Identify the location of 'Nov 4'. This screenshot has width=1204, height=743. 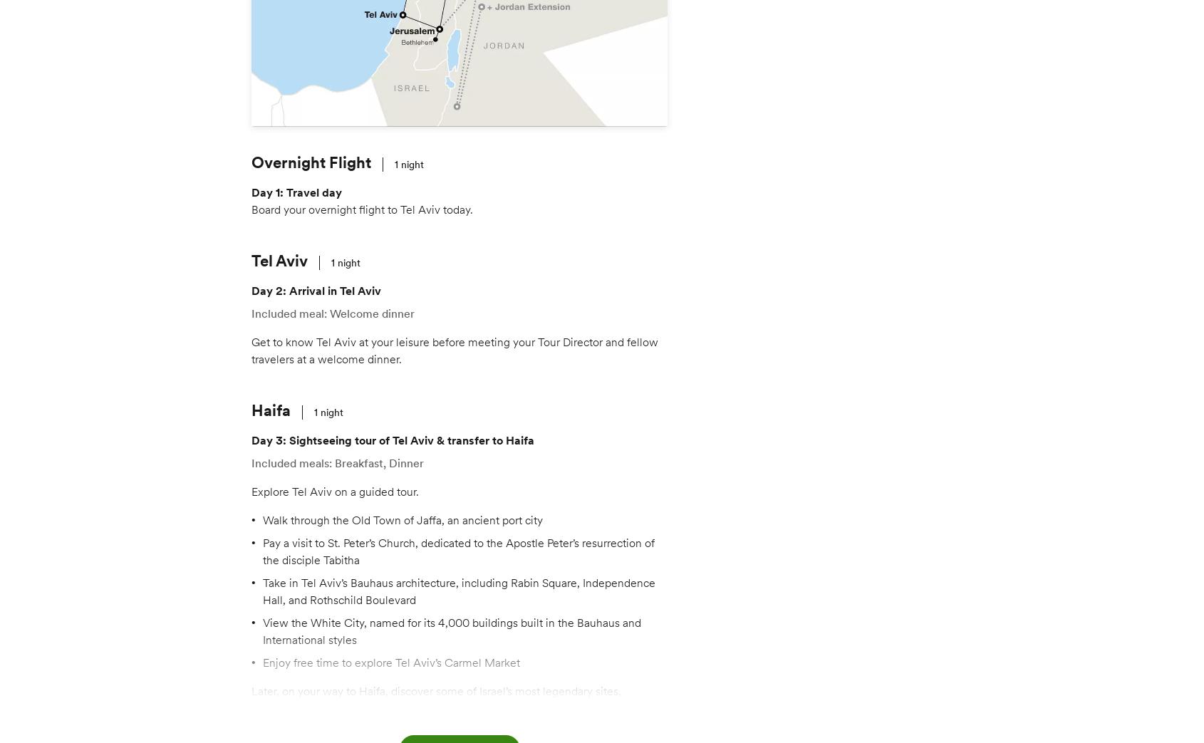
(753, 568).